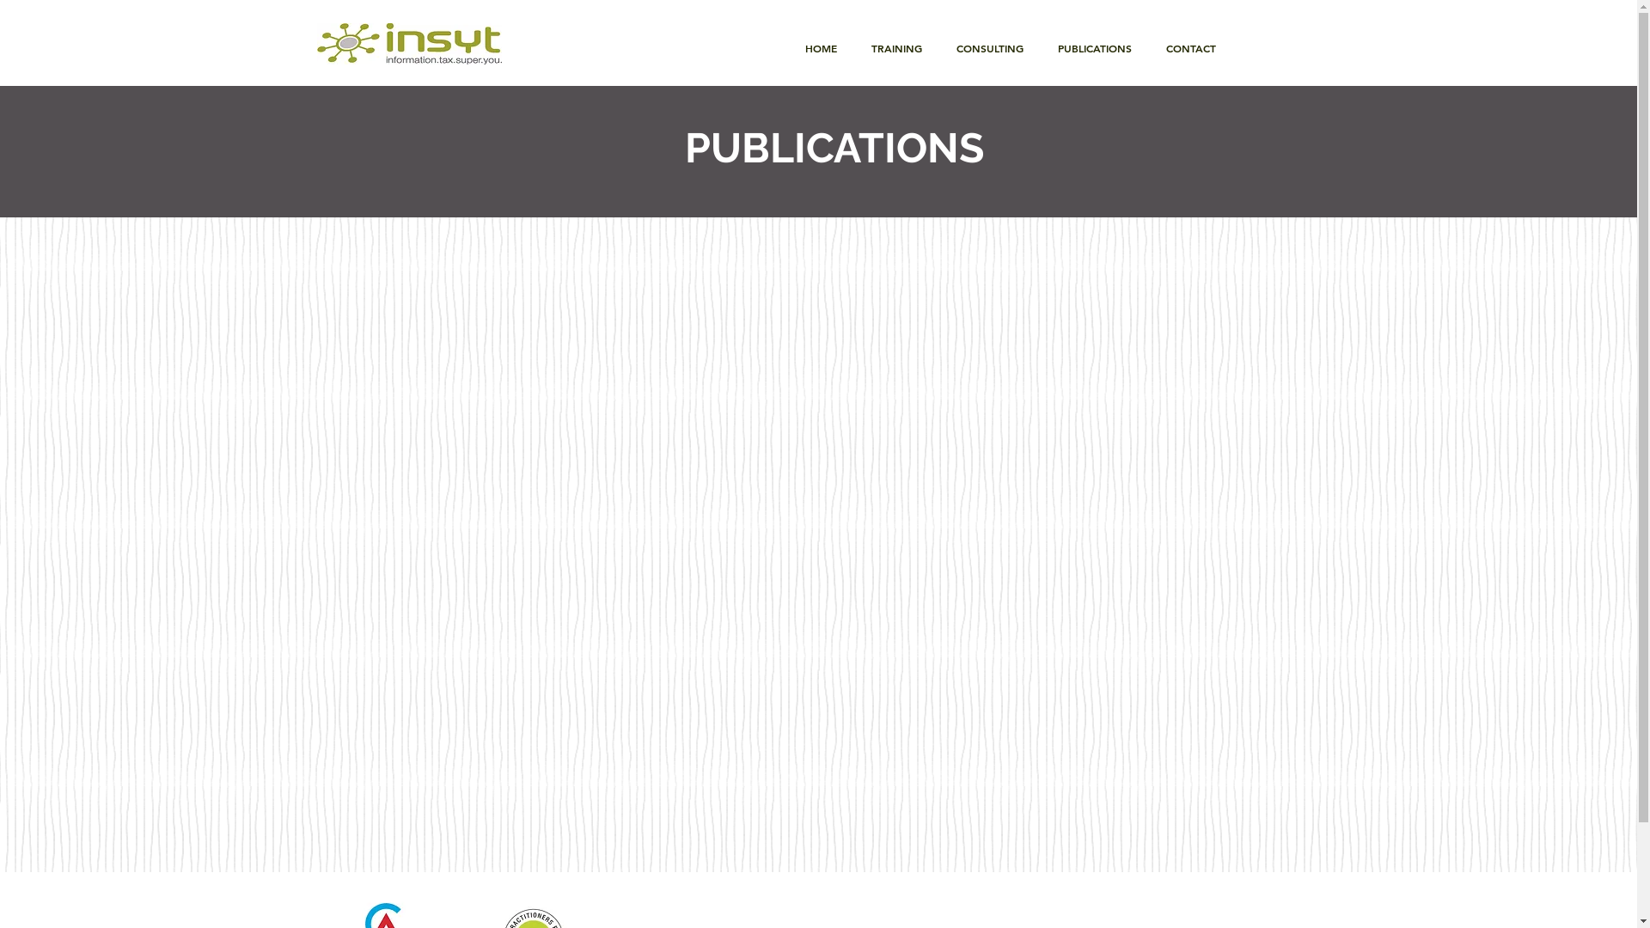  Describe the element at coordinates (989, 47) in the screenshot. I see `'CONSULTING'` at that location.